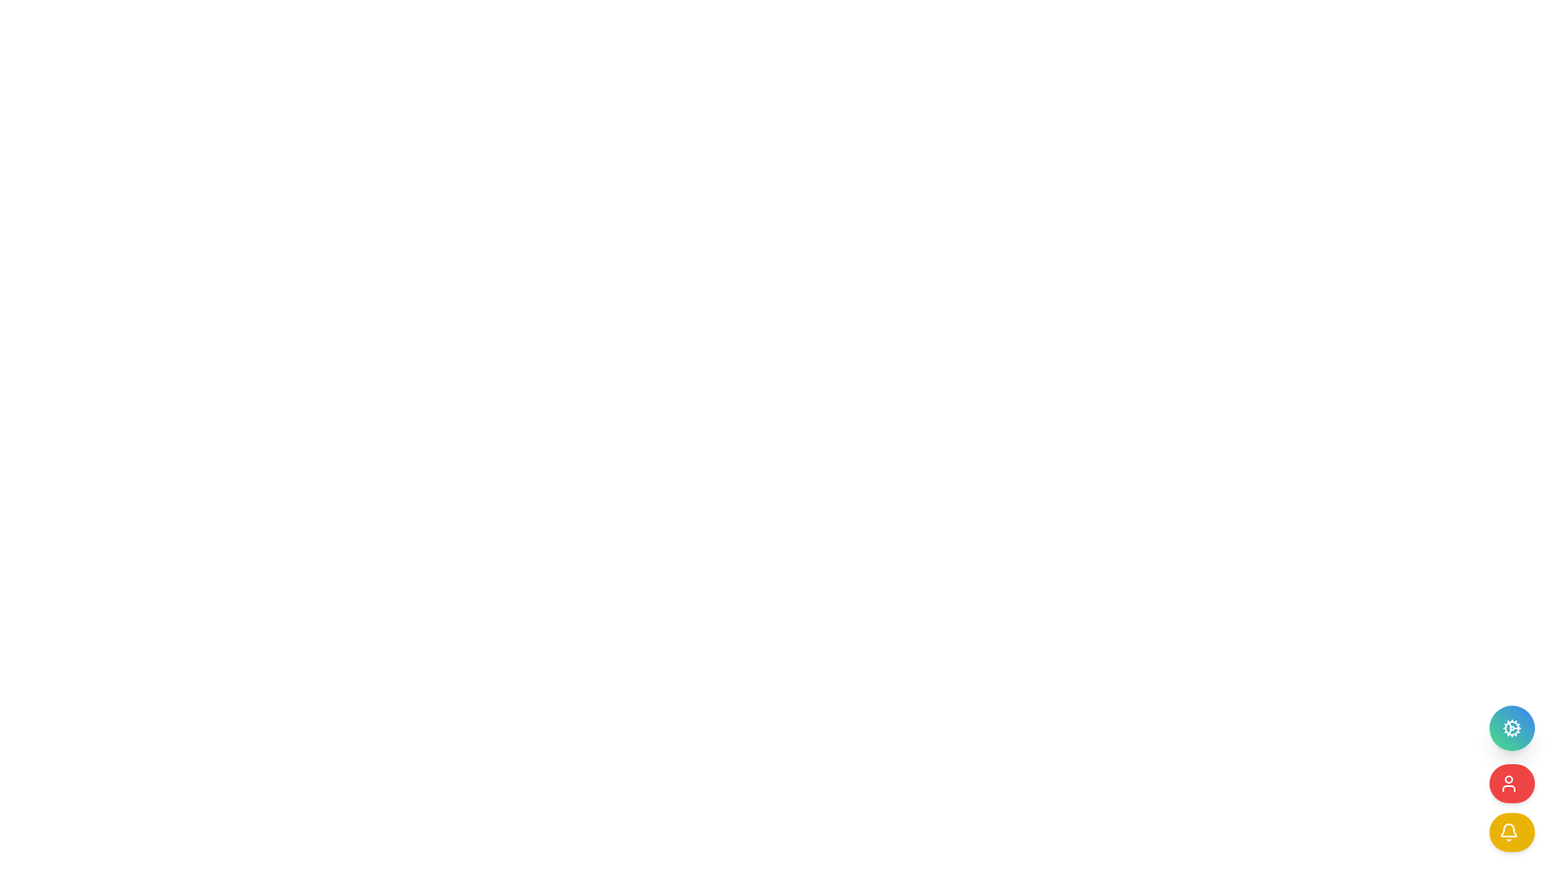 Image resolution: width=1561 pixels, height=878 pixels. What do you see at coordinates (1511, 832) in the screenshot?
I see `the notification button located below the red user icon button and the blue settings icon button` at bounding box center [1511, 832].